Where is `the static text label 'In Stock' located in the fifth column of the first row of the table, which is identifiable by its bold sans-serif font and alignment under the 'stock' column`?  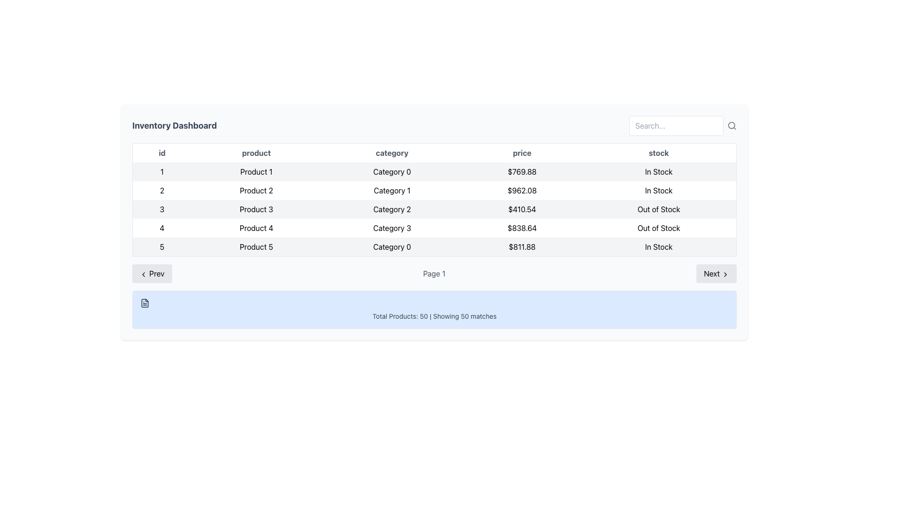
the static text label 'In Stock' located in the fifth column of the first row of the table, which is identifiable by its bold sans-serif font and alignment under the 'stock' column is located at coordinates (658, 172).